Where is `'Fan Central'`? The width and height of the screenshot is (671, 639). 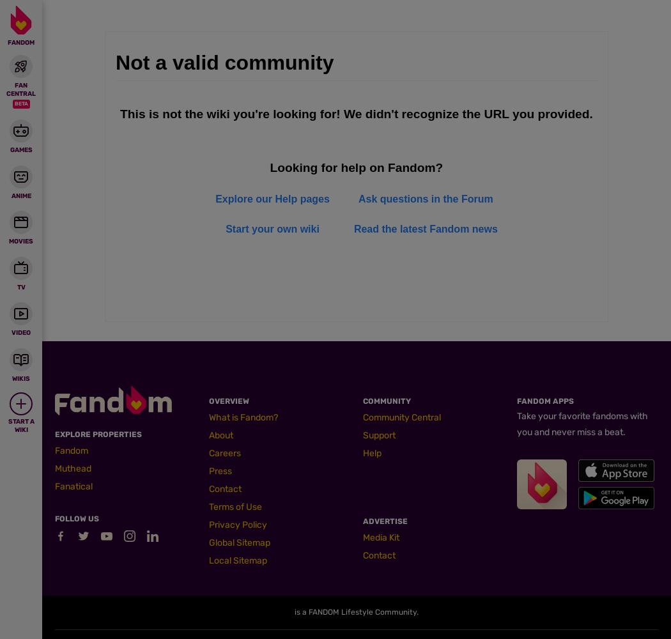 'Fan Central' is located at coordinates (20, 89).